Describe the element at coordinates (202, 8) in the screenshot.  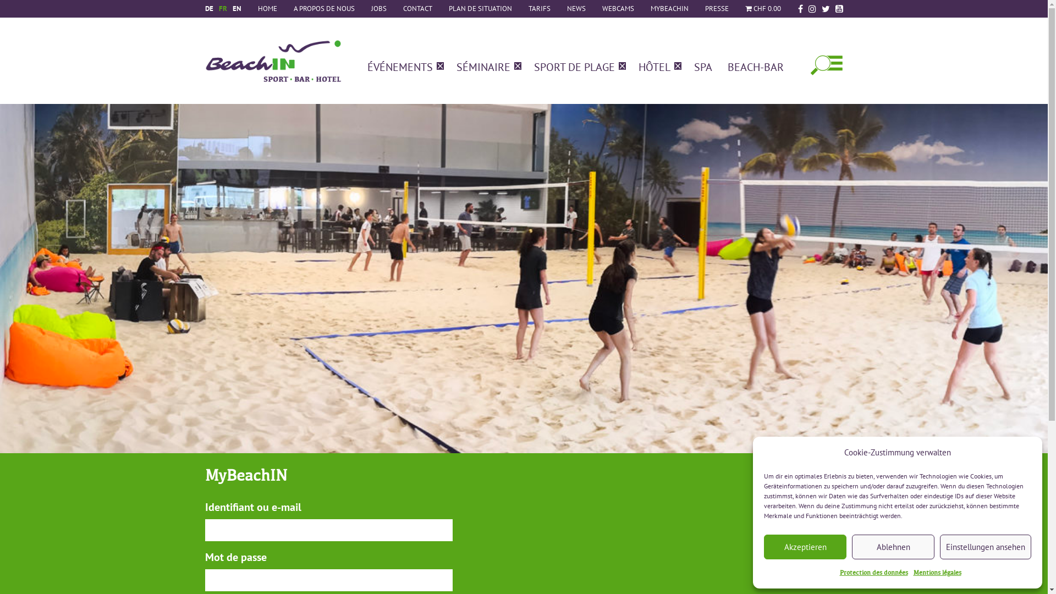
I see `'DE'` at that location.